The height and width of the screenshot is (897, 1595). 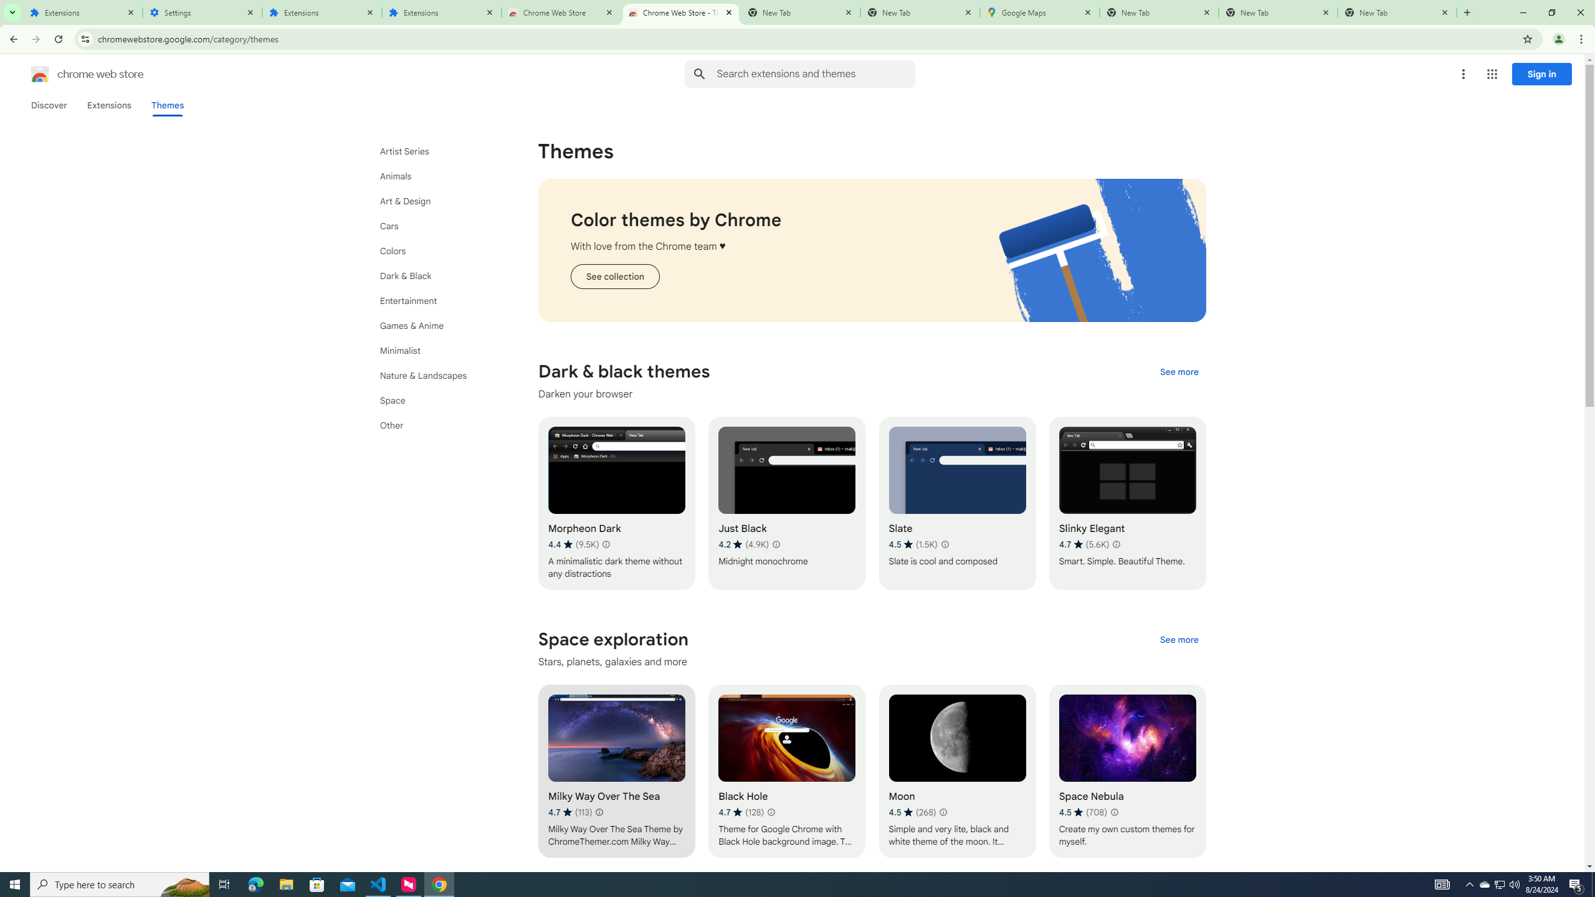 I want to click on 'Learn more about results and reviews "Slinky Elegant"', so click(x=1115, y=544).